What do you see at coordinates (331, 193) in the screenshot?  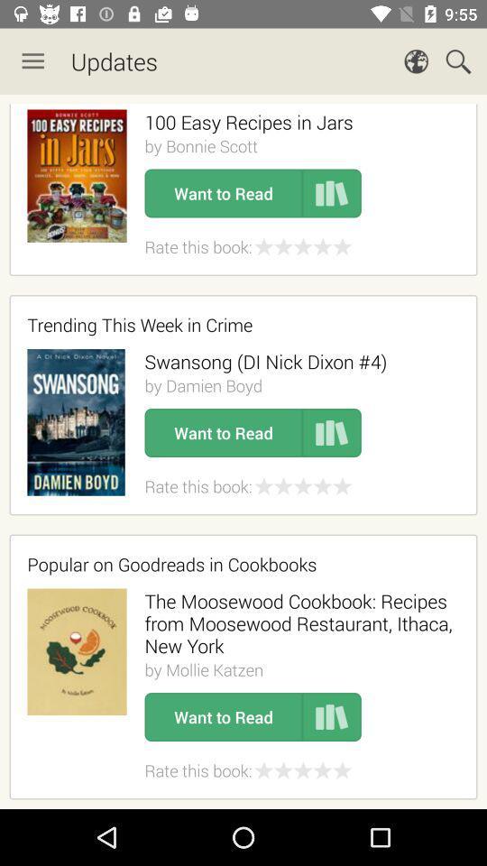 I see `display book details` at bounding box center [331, 193].